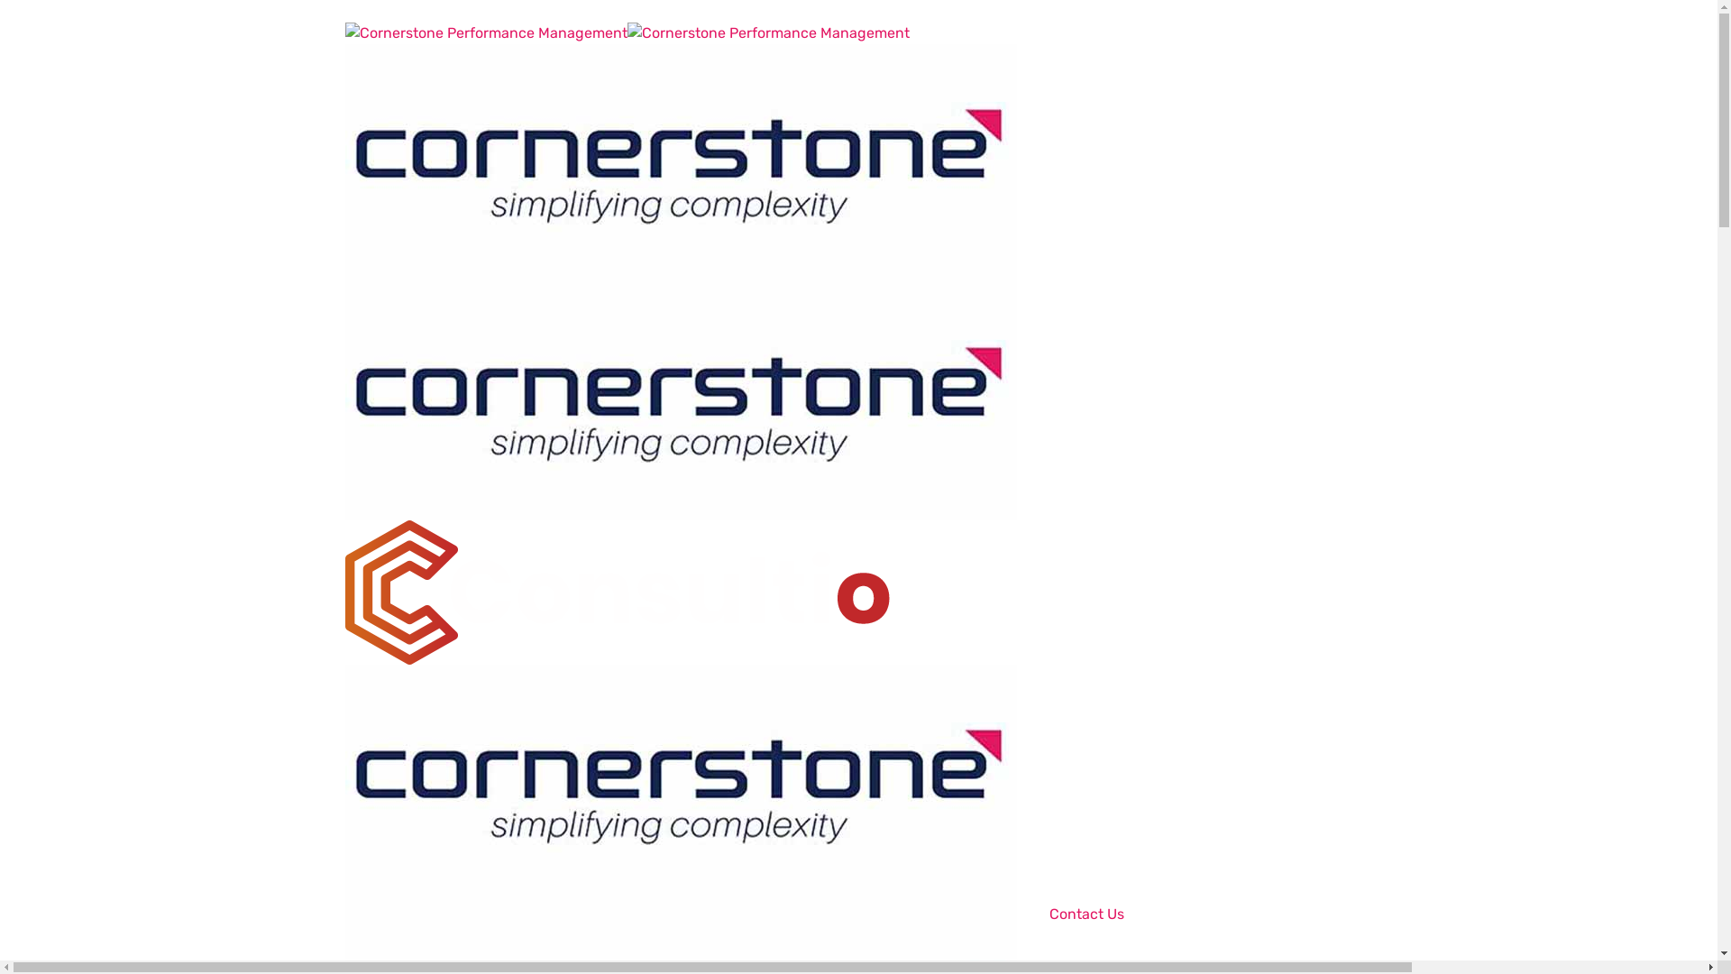 The width and height of the screenshot is (1731, 974). I want to click on 'Cornerstone Performance Management', so click(768, 32).